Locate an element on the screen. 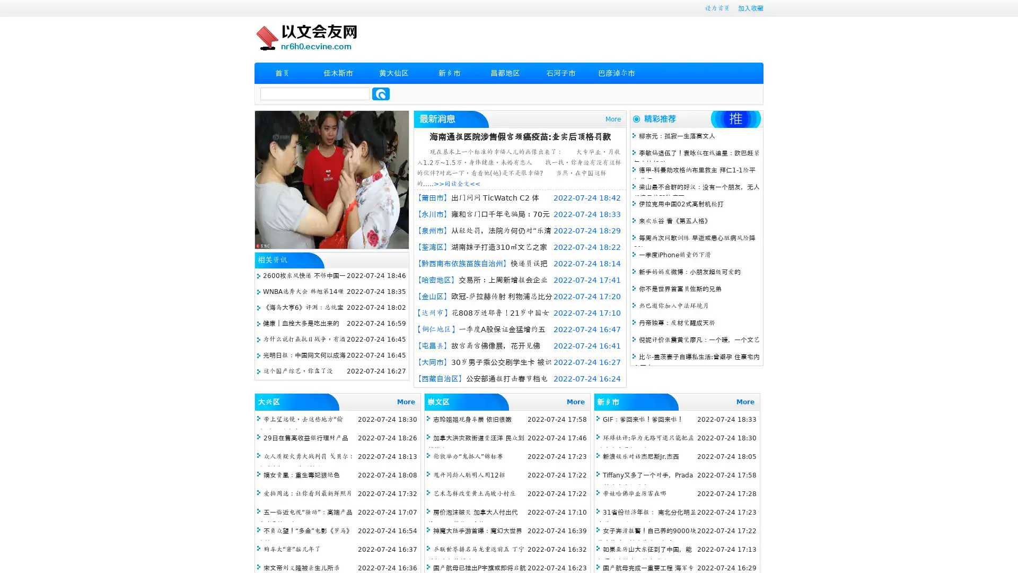 This screenshot has width=1018, height=573. Search is located at coordinates (381, 93).